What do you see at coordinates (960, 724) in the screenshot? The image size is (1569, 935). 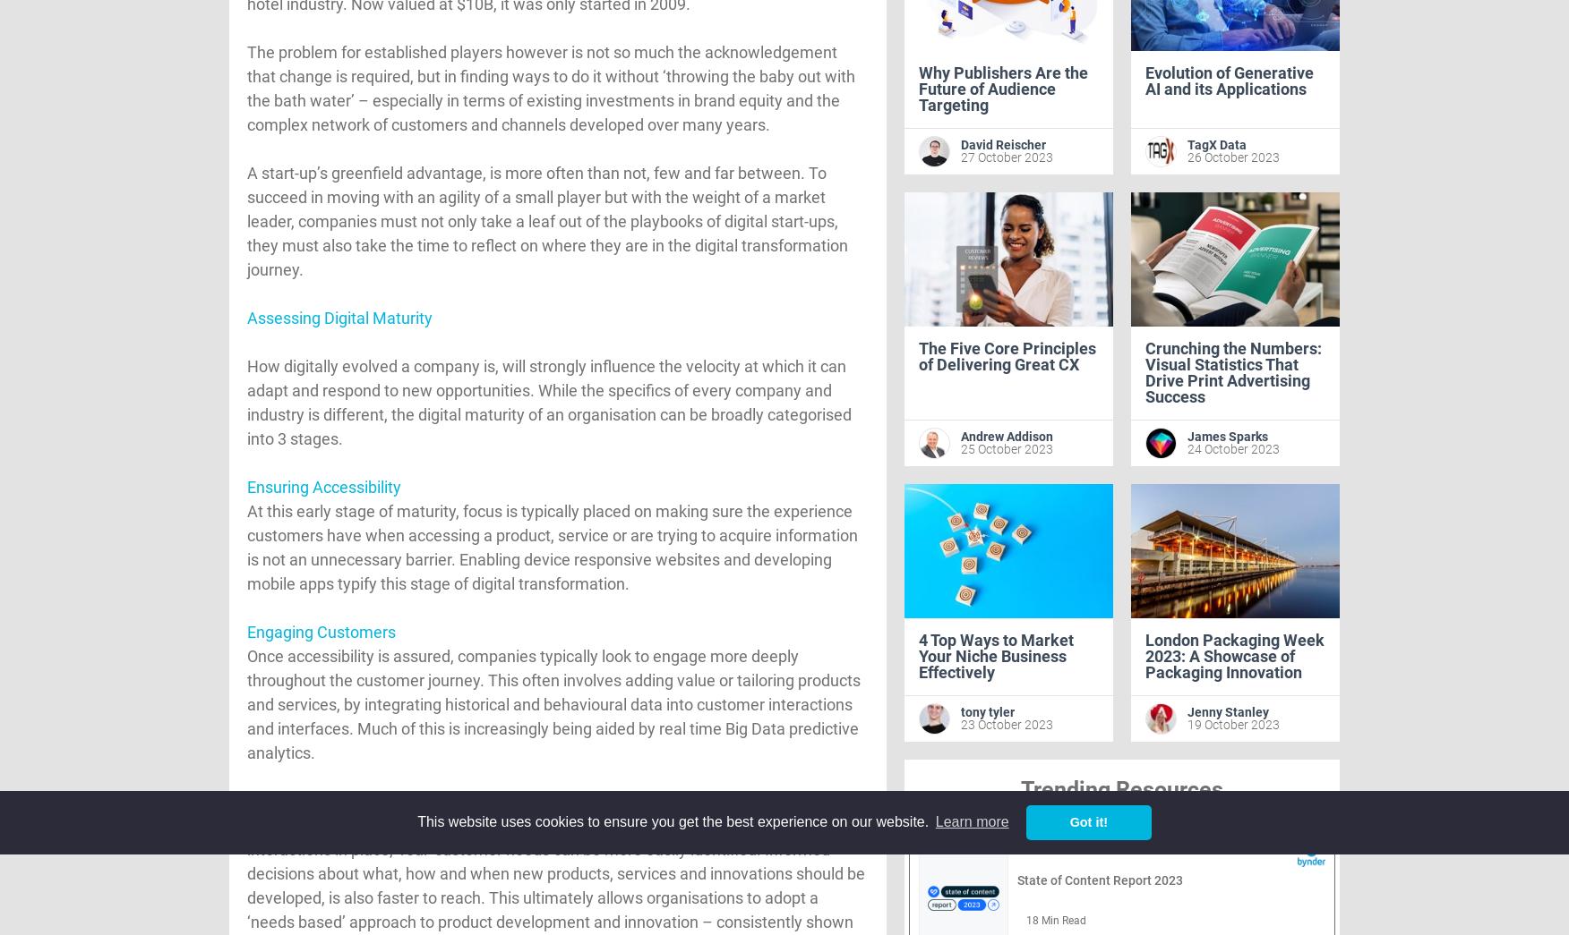 I see `'23 October 2023'` at bounding box center [960, 724].